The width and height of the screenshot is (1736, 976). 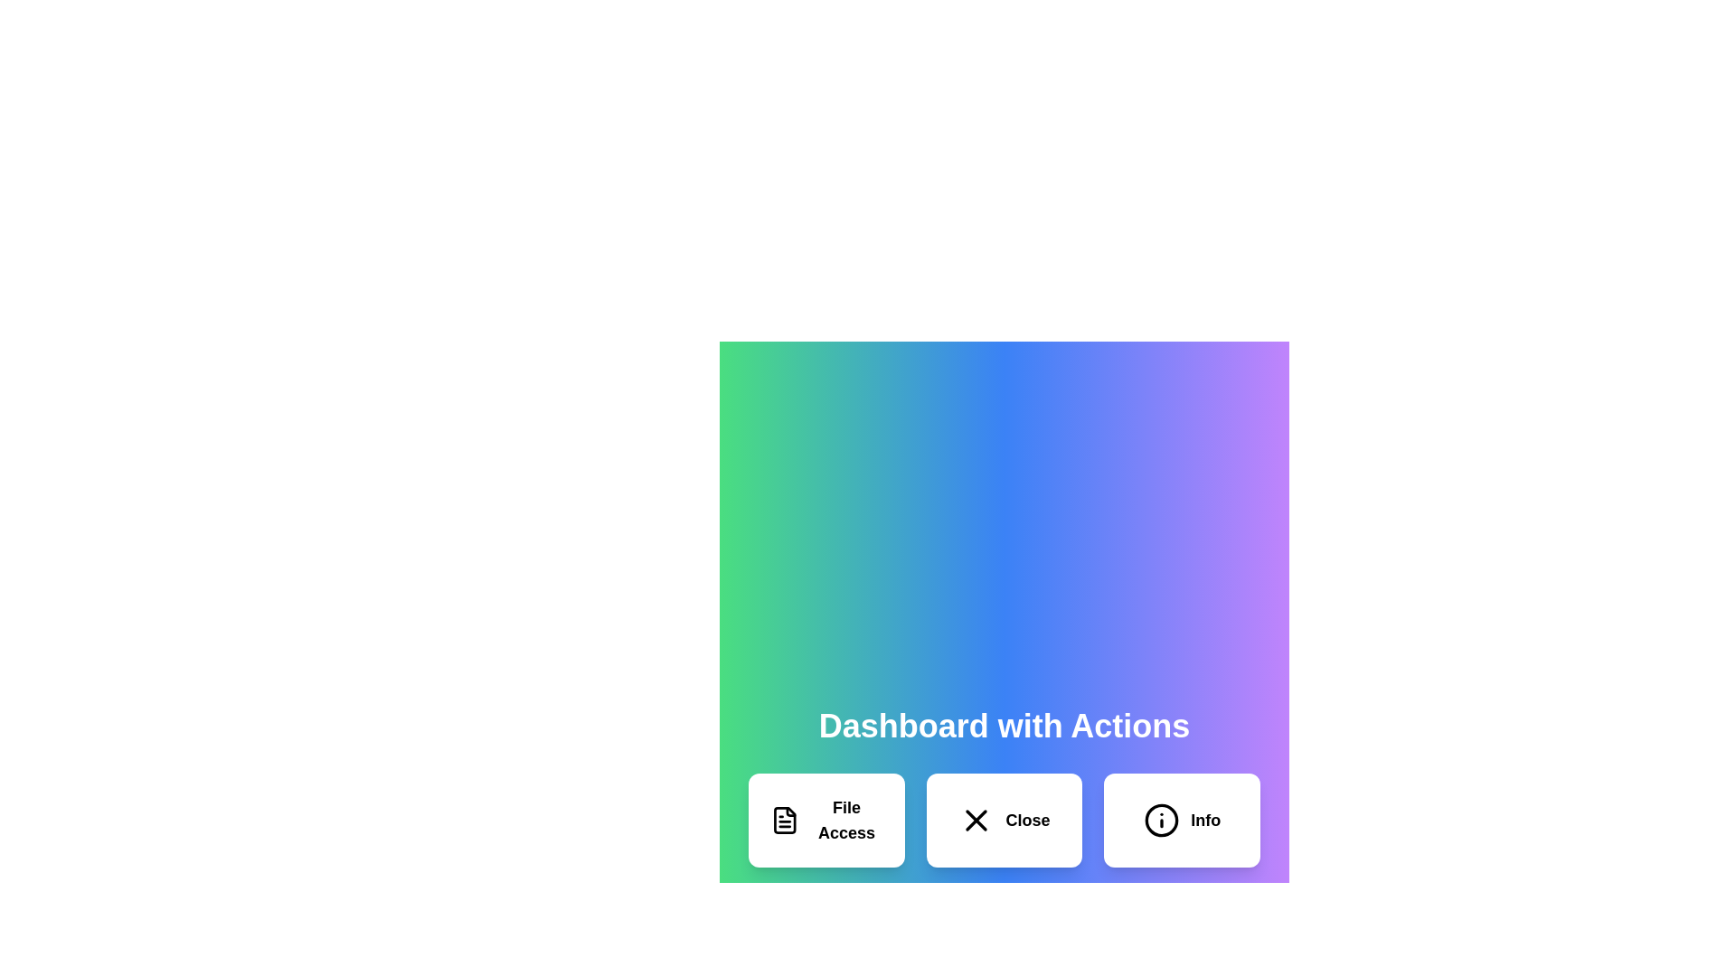 What do you see at coordinates (1003, 725) in the screenshot?
I see `the static text label reading 'Dashboard with Actions', which is styled with large, bold, white uppercase letters and positioned at the top center of a card-like section` at bounding box center [1003, 725].